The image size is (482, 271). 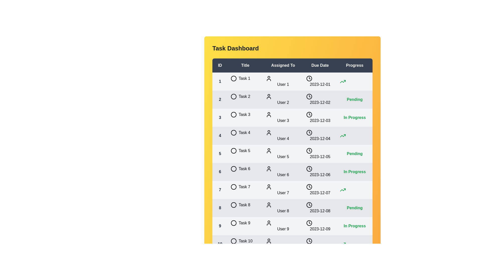 I want to click on the text of the task title to select it, so click(x=235, y=78).